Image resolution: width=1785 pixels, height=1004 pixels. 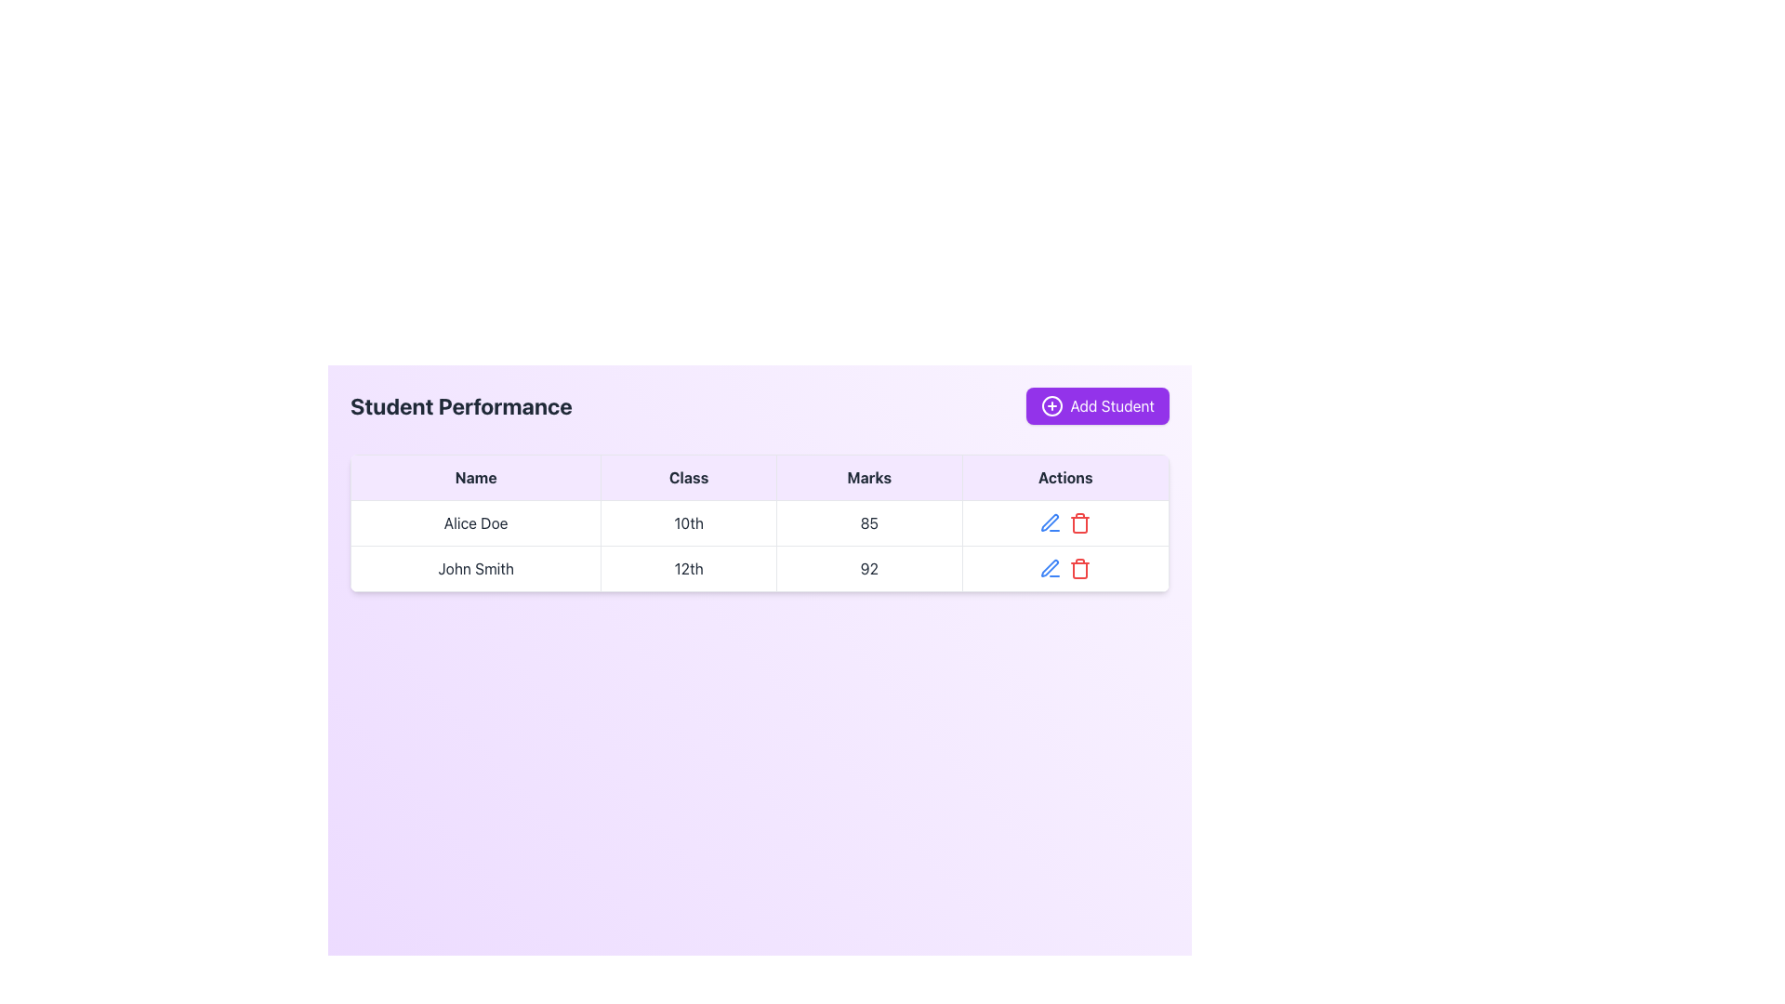 What do you see at coordinates (1051, 404) in the screenshot?
I see `the icon located in the top-right corner of the interface, which serves as a visual cue to add a new student, positioned to the left of the 'Add Student' button` at bounding box center [1051, 404].